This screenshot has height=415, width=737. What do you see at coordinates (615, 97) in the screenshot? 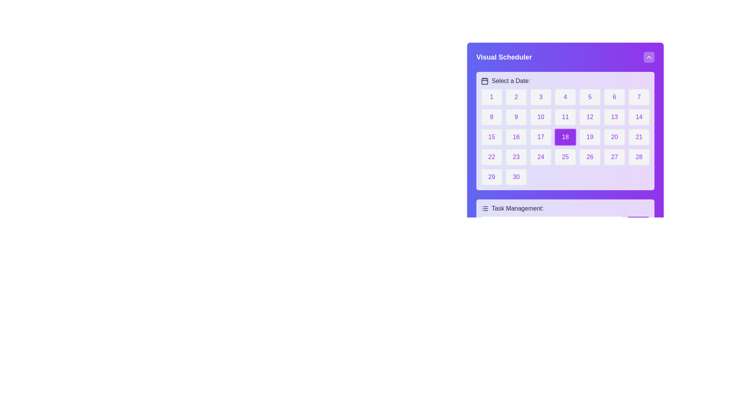
I see `the calendar date cell displaying the number '6', which is a rounded rectangular button within the calendar grid` at bounding box center [615, 97].